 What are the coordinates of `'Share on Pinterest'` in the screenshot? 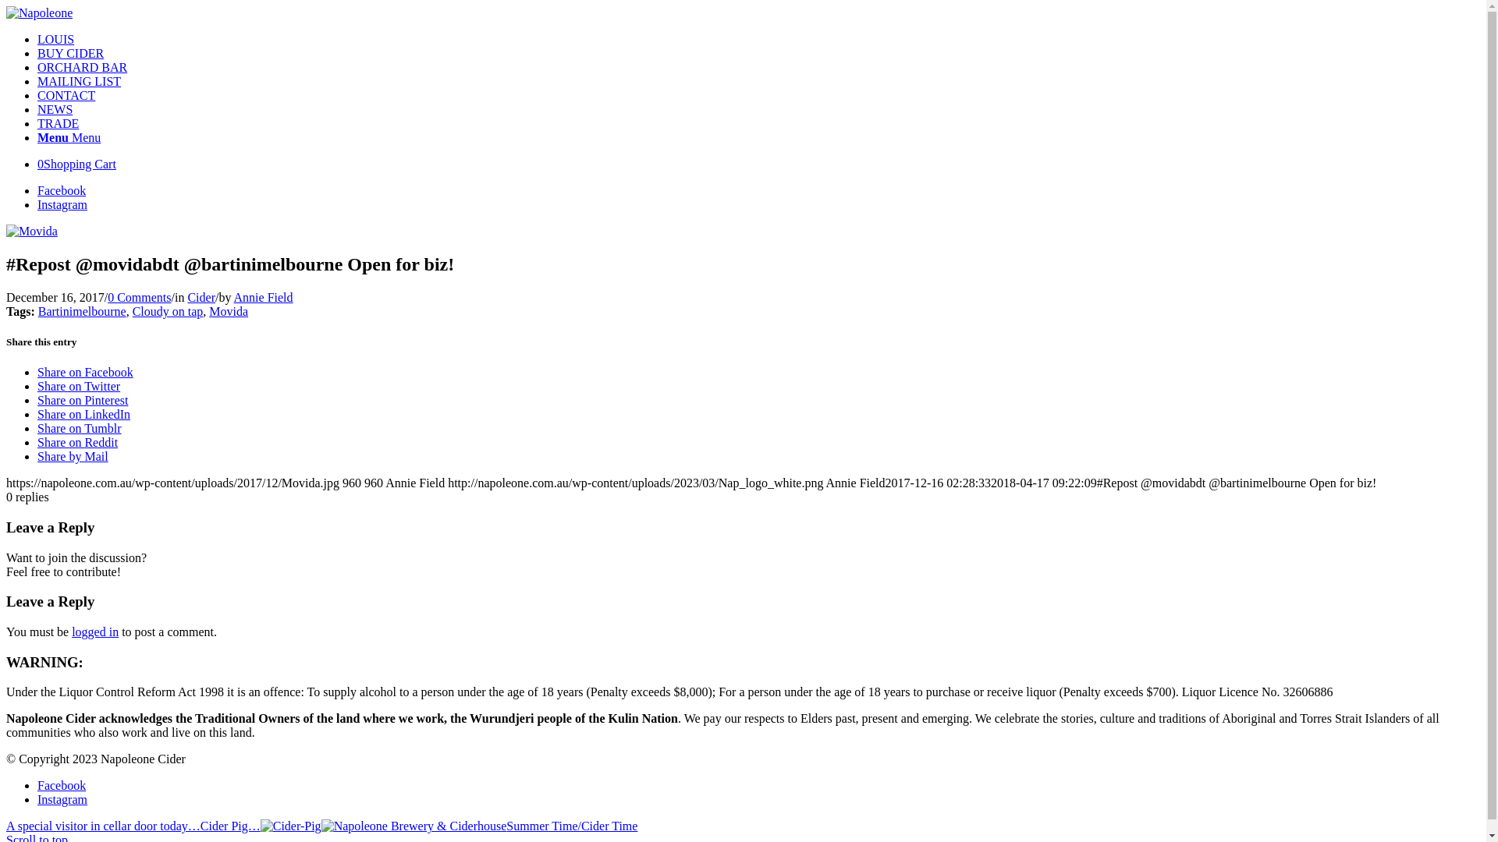 It's located at (37, 399).